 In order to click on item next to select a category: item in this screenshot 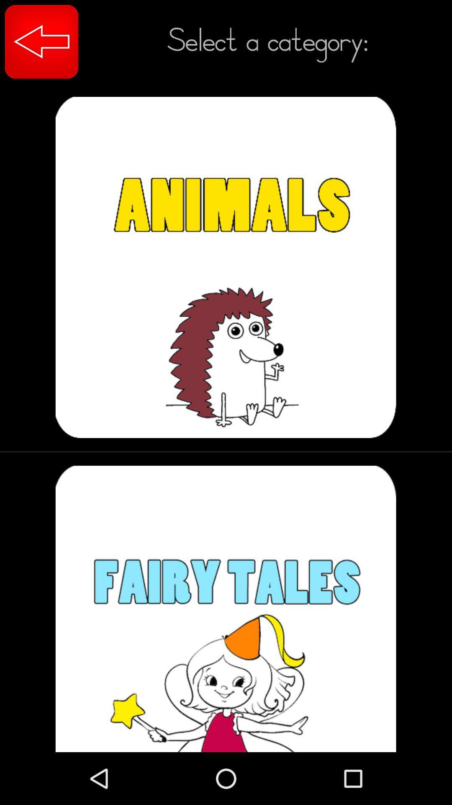, I will do `click(41, 41)`.